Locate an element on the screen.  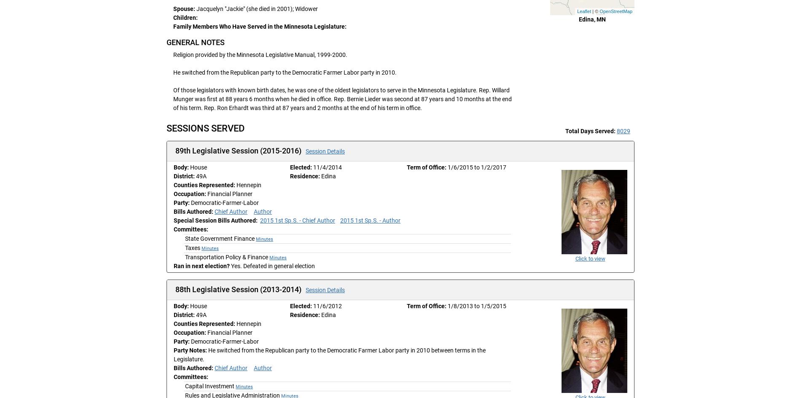
'He switched from the Republican party to the Democratic Farmer Labor party in 2010 between terms in the Legislature.' is located at coordinates (329, 355).